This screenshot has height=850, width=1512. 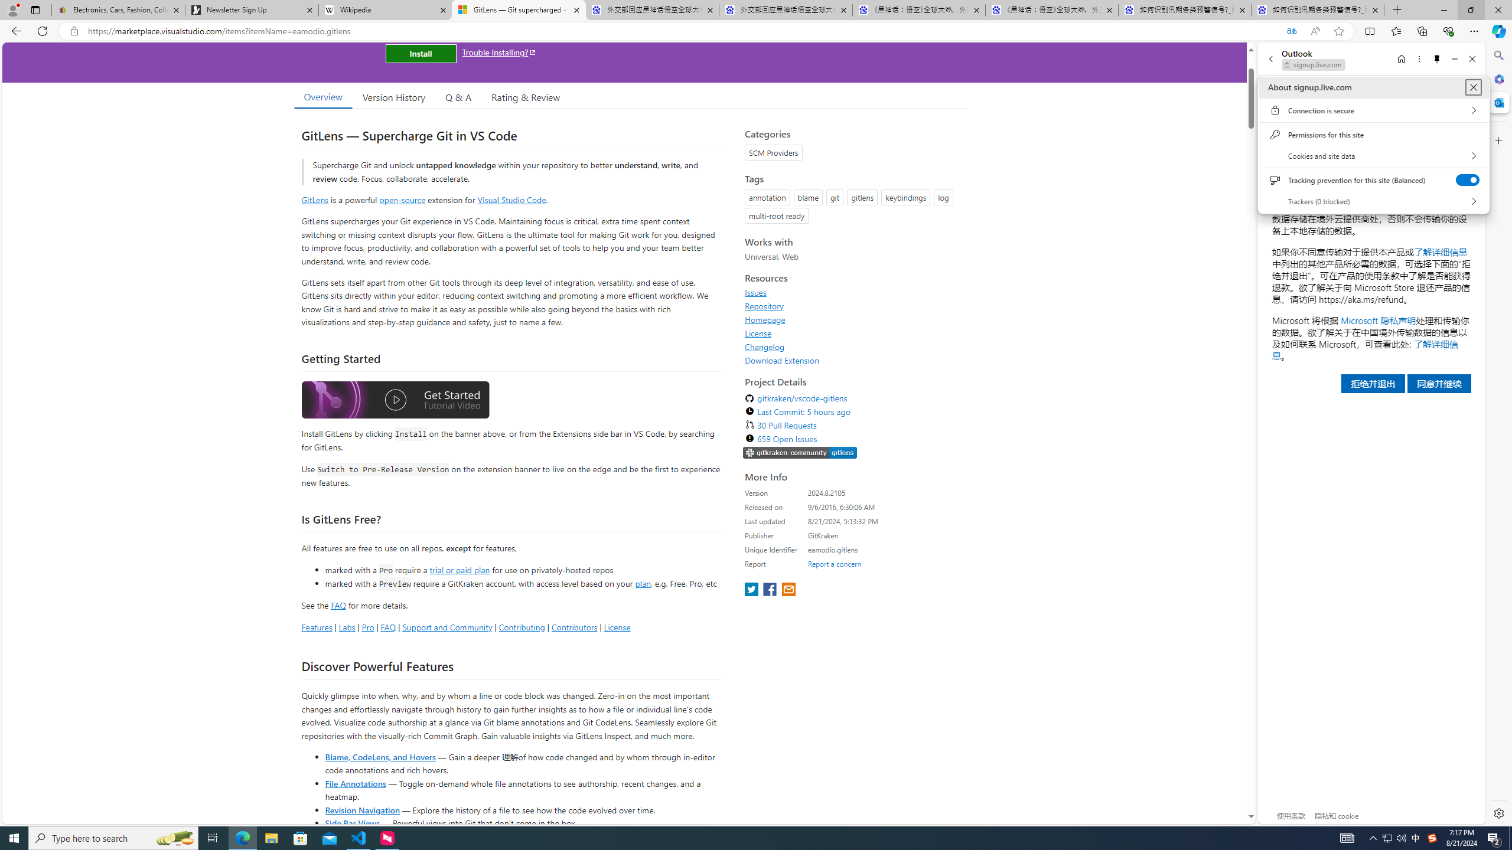 I want to click on 'Notification Chevron', so click(x=1373, y=837).